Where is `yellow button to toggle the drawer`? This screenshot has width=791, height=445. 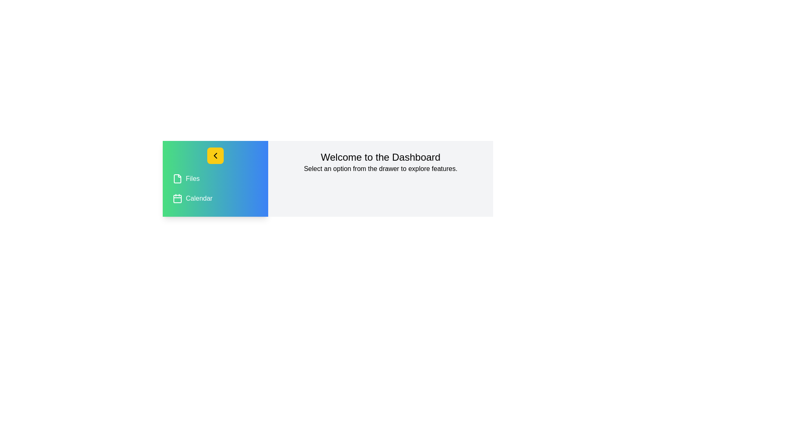
yellow button to toggle the drawer is located at coordinates (215, 156).